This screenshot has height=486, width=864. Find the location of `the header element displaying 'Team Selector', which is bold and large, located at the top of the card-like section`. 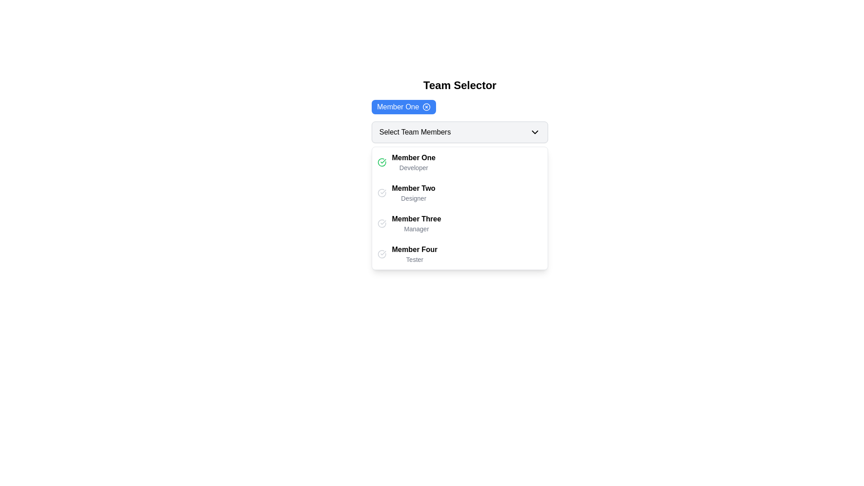

the header element displaying 'Team Selector', which is bold and large, located at the top of the card-like section is located at coordinates (460, 85).